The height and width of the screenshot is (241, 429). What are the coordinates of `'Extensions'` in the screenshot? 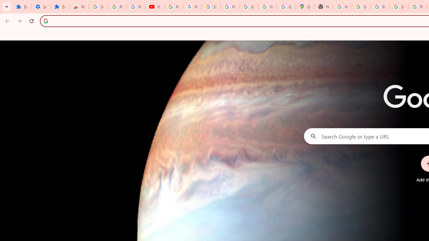 It's located at (22, 7).